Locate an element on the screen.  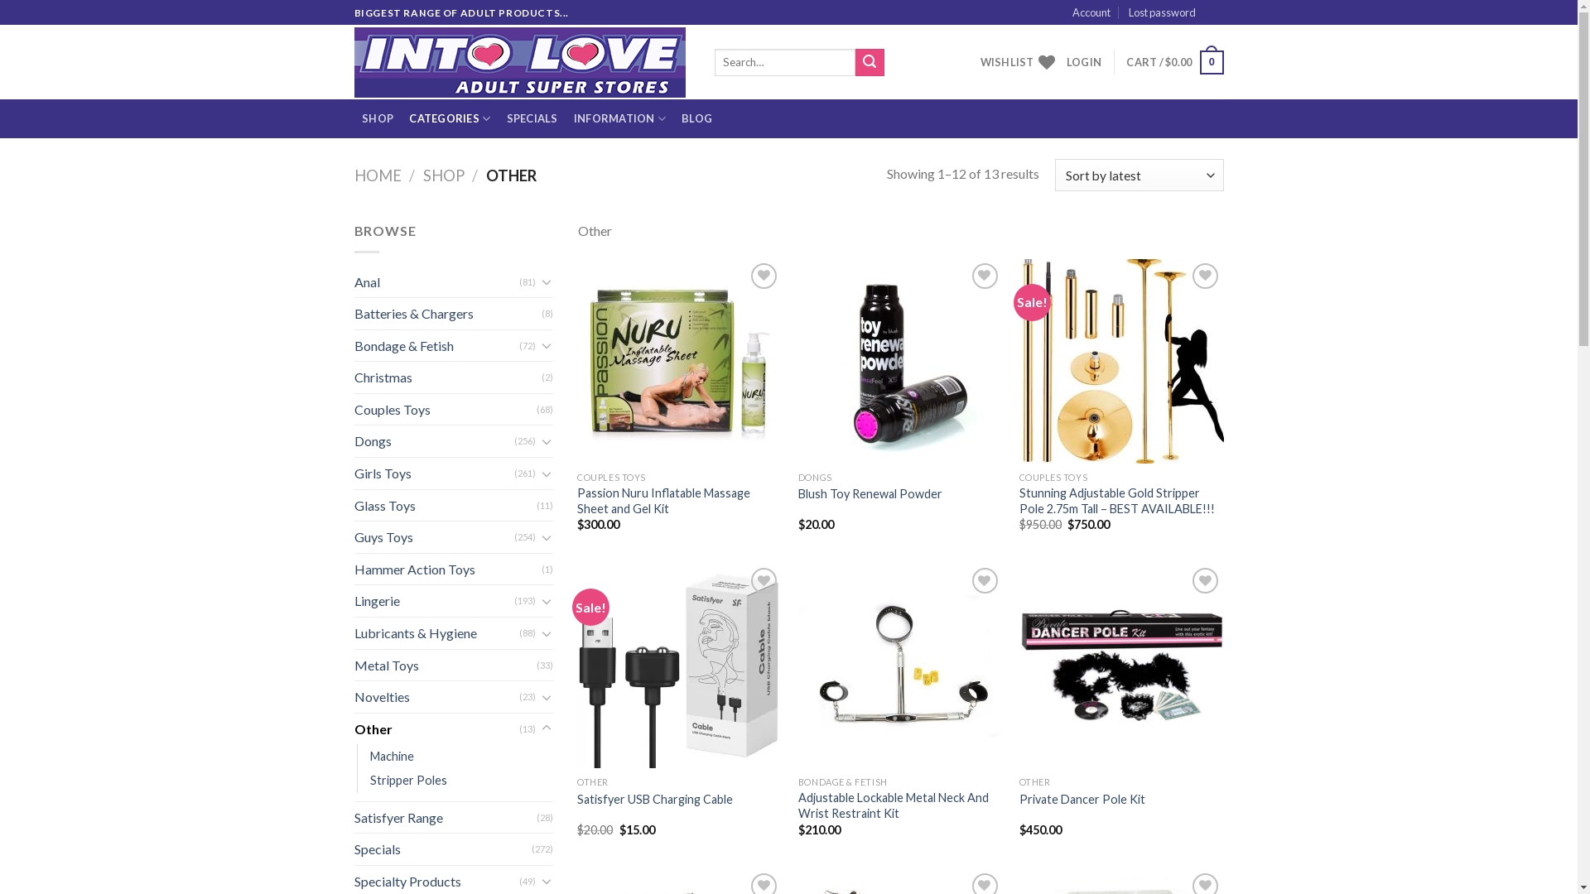
'Metal Toys' is located at coordinates (445, 664).